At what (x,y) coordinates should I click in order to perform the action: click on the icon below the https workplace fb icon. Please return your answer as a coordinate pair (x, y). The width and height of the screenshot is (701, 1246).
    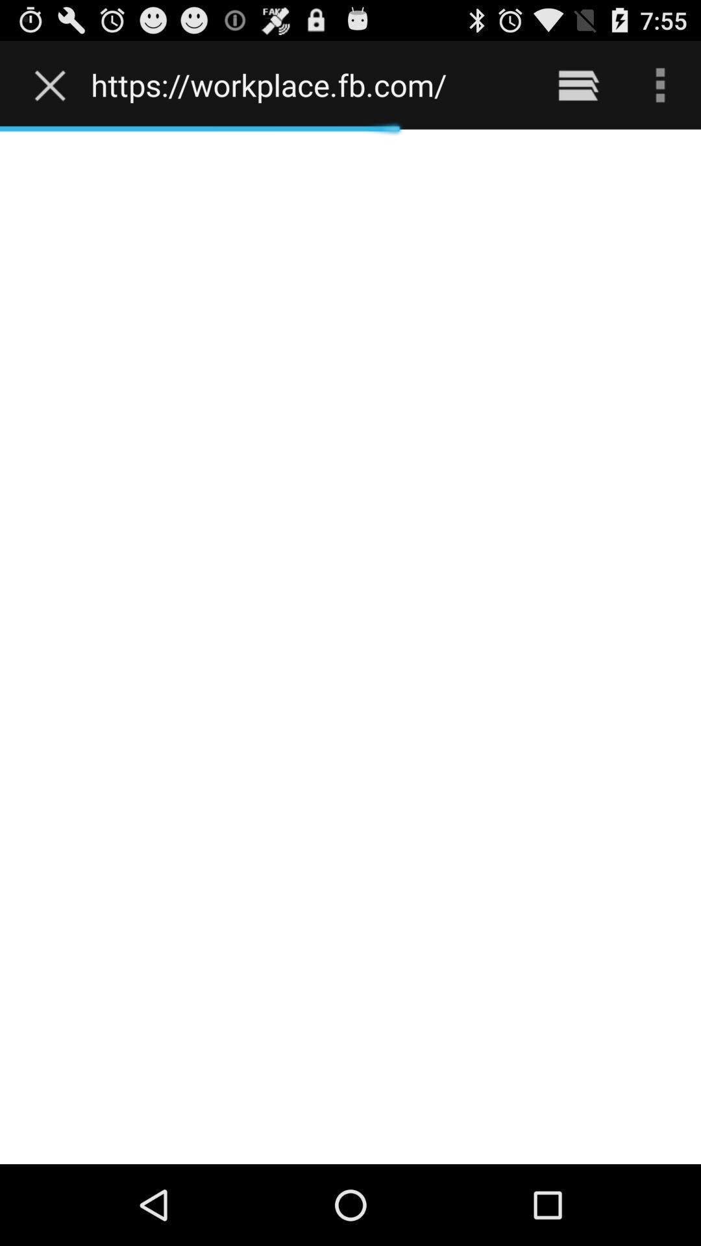
    Looking at the image, I should click on (350, 646).